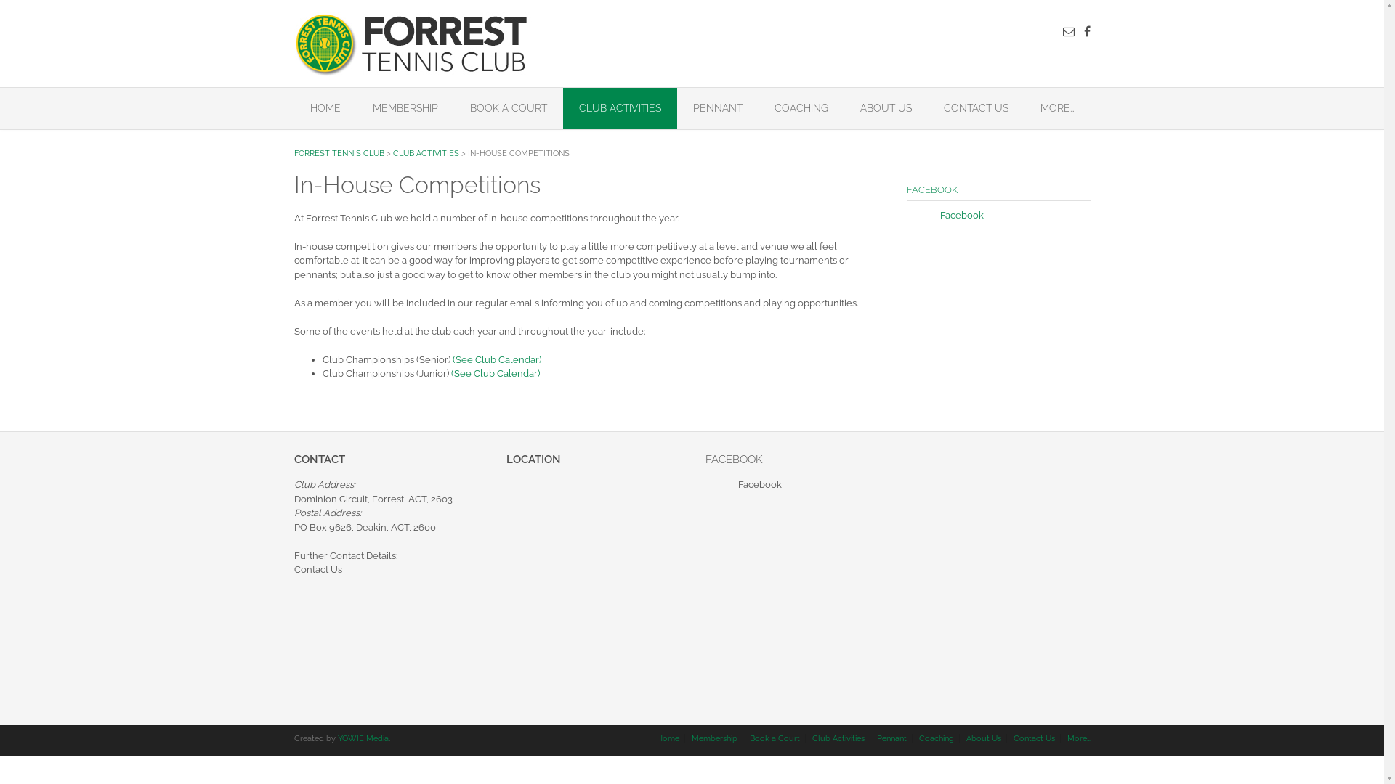 The image size is (1395, 784). I want to click on 'Send us an email', so click(1062, 30).